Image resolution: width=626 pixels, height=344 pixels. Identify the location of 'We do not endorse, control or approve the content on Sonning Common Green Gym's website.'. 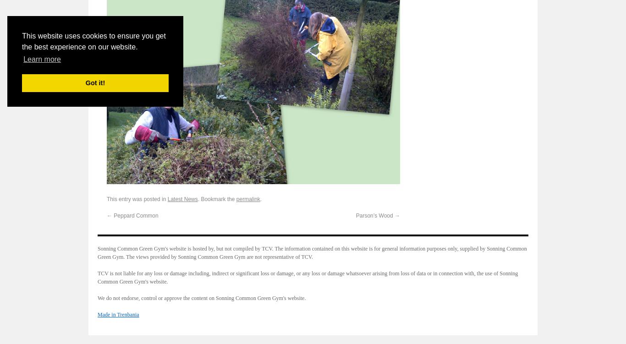
(97, 297).